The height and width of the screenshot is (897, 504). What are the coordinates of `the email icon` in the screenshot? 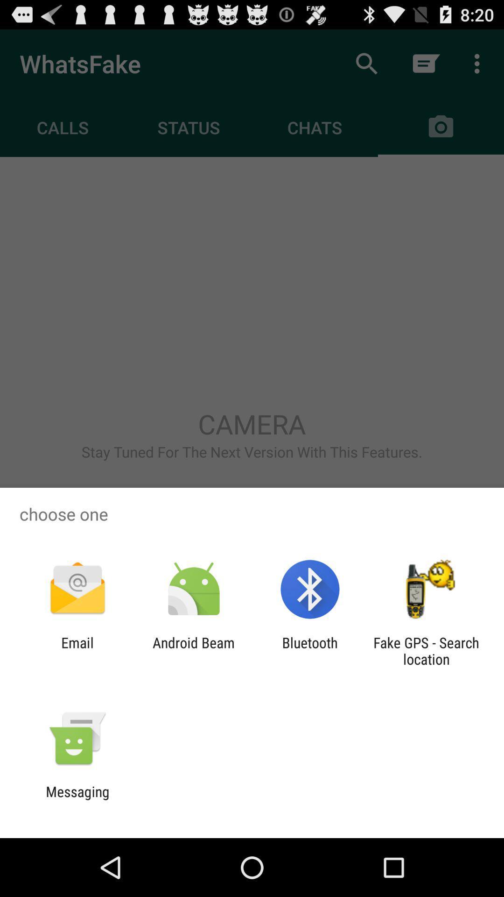 It's located at (77, 650).